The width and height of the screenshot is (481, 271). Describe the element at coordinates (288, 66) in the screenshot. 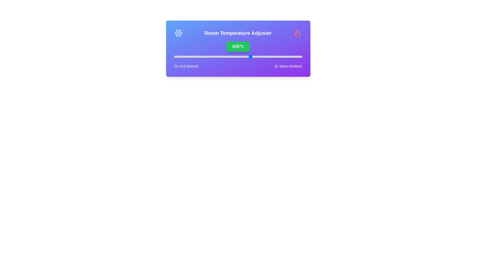

I see `the 'Warm Ambient' text and icon` at that location.